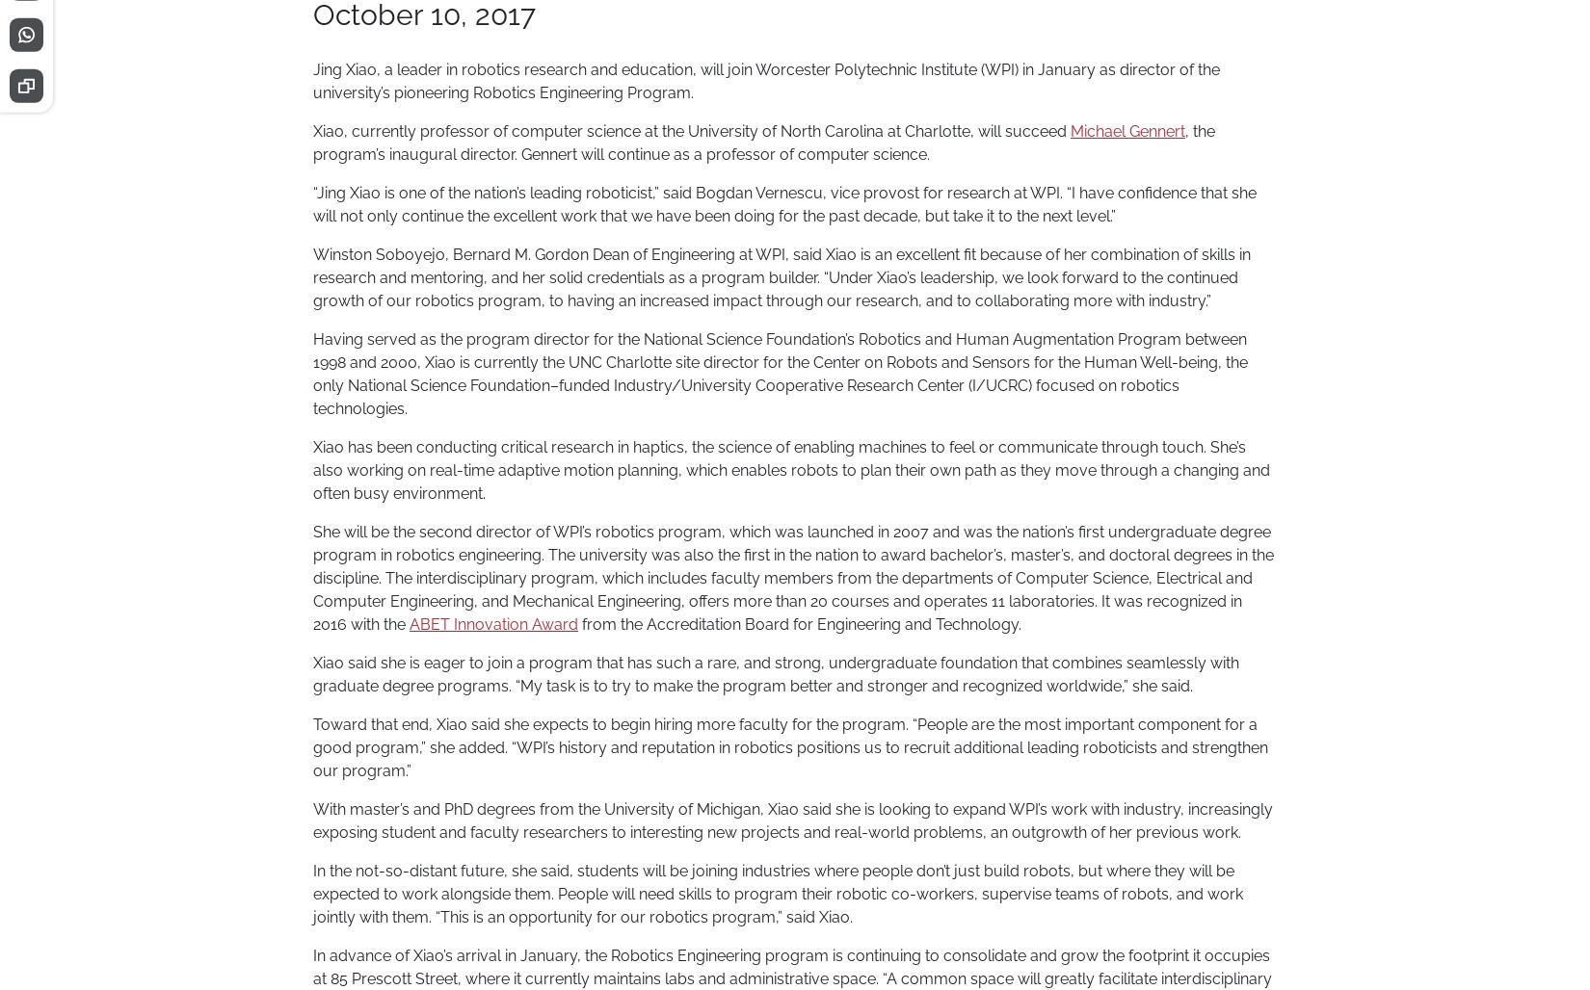 The image size is (1590, 990). What do you see at coordinates (781, 277) in the screenshot?
I see `'Winston Soboyejo, Bernard M. Gordon Dean of Engineering at WPI, said Xiao is an excellent fit because of her combination of skills in research and mentoring, and her solid credentials as a program builder. “Under Xiao’s leadership, we look forward to the continued growth of our robotics program, to having an increased impact through our research, and to collaborating more with industry.”'` at bounding box center [781, 277].